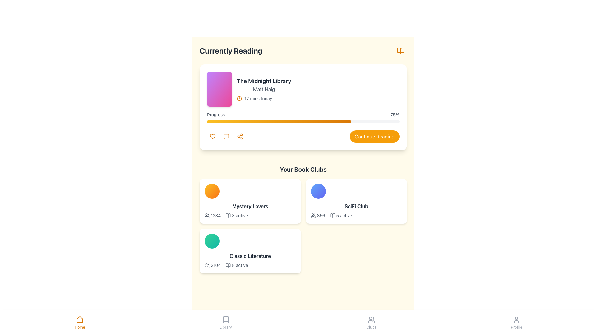 This screenshot has height=336, width=597. I want to click on the Informational Label displaying the active count of entities in the 'SciFi Club' section, located below the club's main title and adjacent to the member count, so click(341, 215).